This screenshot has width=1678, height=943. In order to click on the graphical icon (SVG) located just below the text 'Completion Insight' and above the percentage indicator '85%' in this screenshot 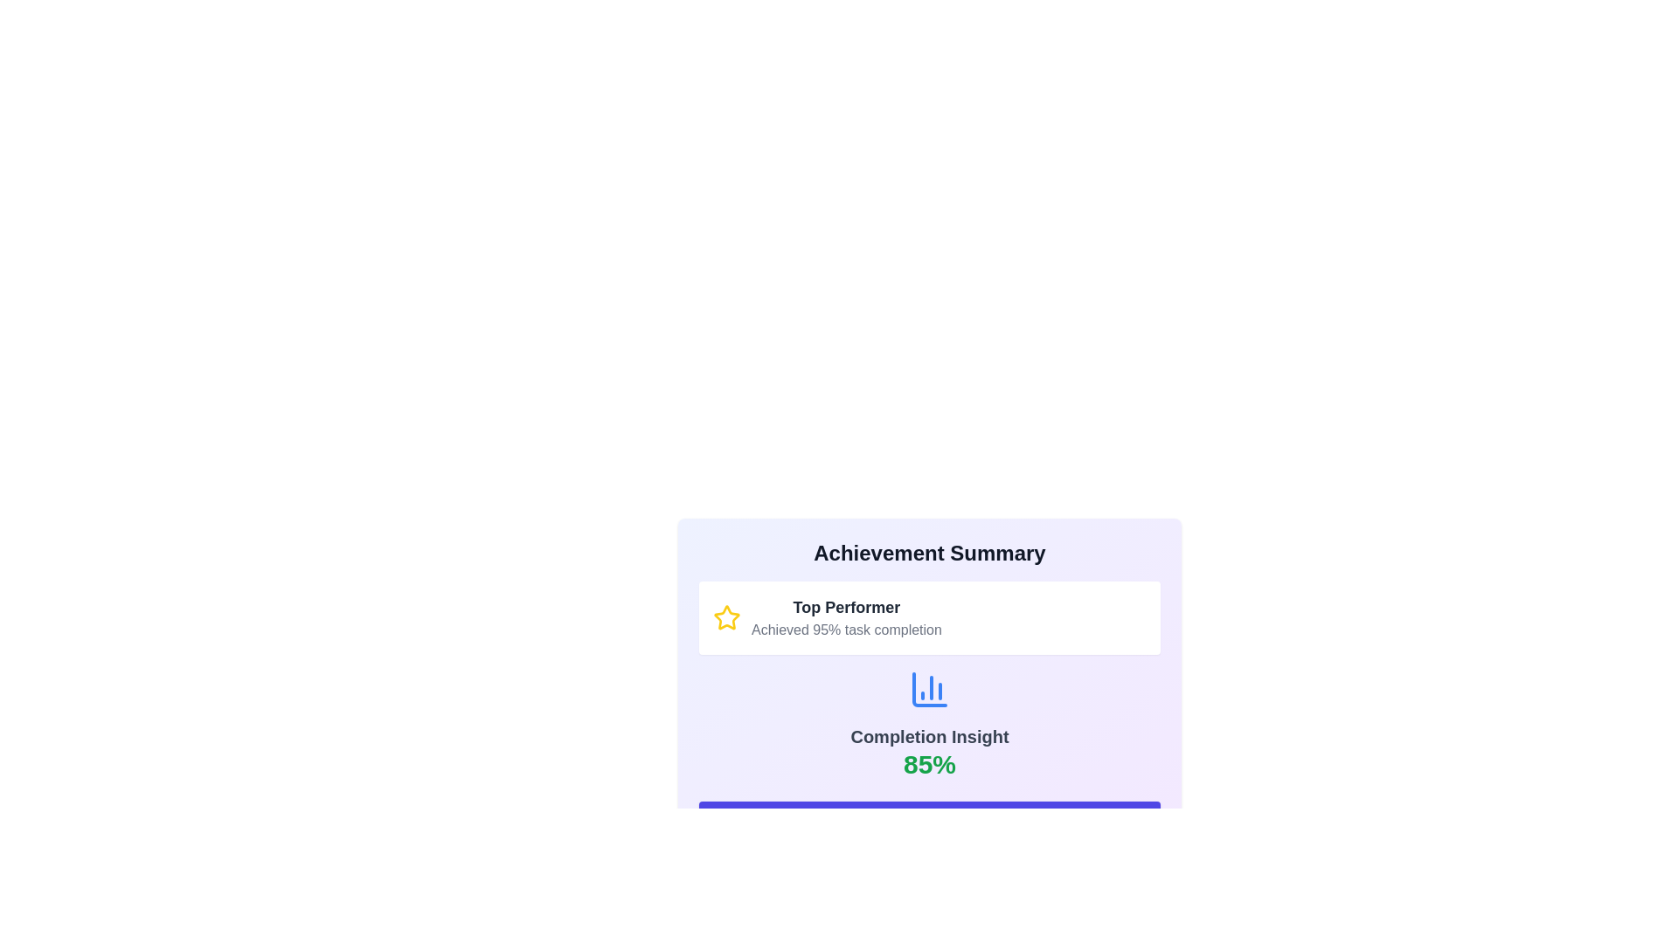, I will do `click(929, 689)`.